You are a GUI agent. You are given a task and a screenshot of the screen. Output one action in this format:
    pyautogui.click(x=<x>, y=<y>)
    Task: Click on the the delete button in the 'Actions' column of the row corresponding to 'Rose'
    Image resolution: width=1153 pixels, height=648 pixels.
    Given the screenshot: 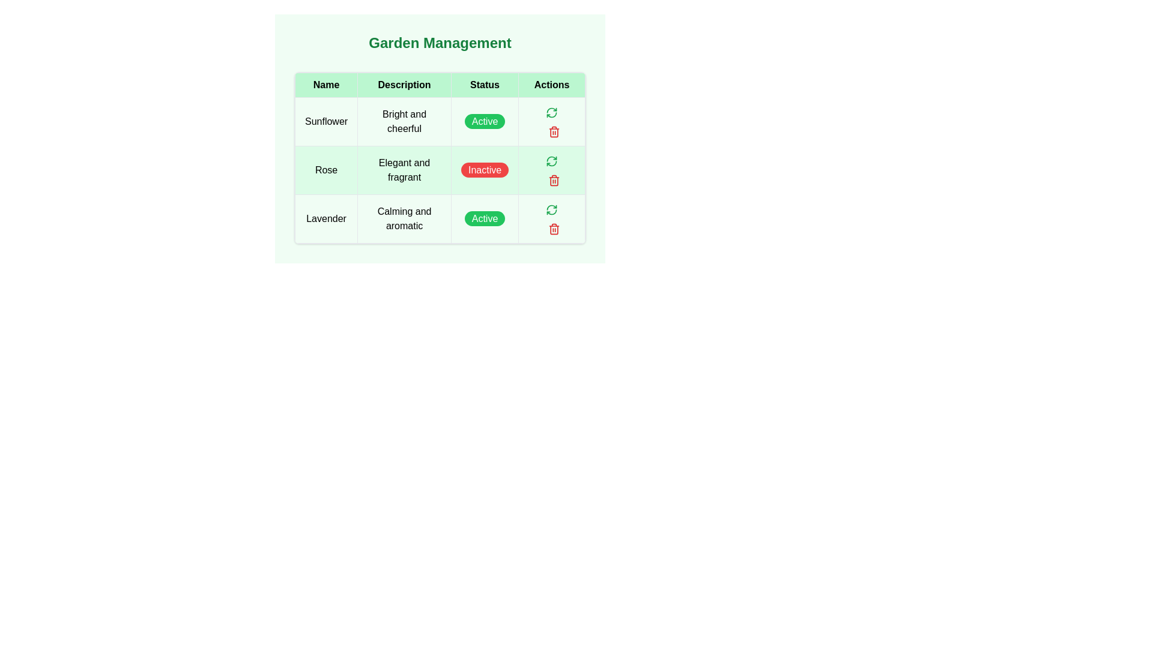 What is the action you would take?
    pyautogui.click(x=554, y=131)
    